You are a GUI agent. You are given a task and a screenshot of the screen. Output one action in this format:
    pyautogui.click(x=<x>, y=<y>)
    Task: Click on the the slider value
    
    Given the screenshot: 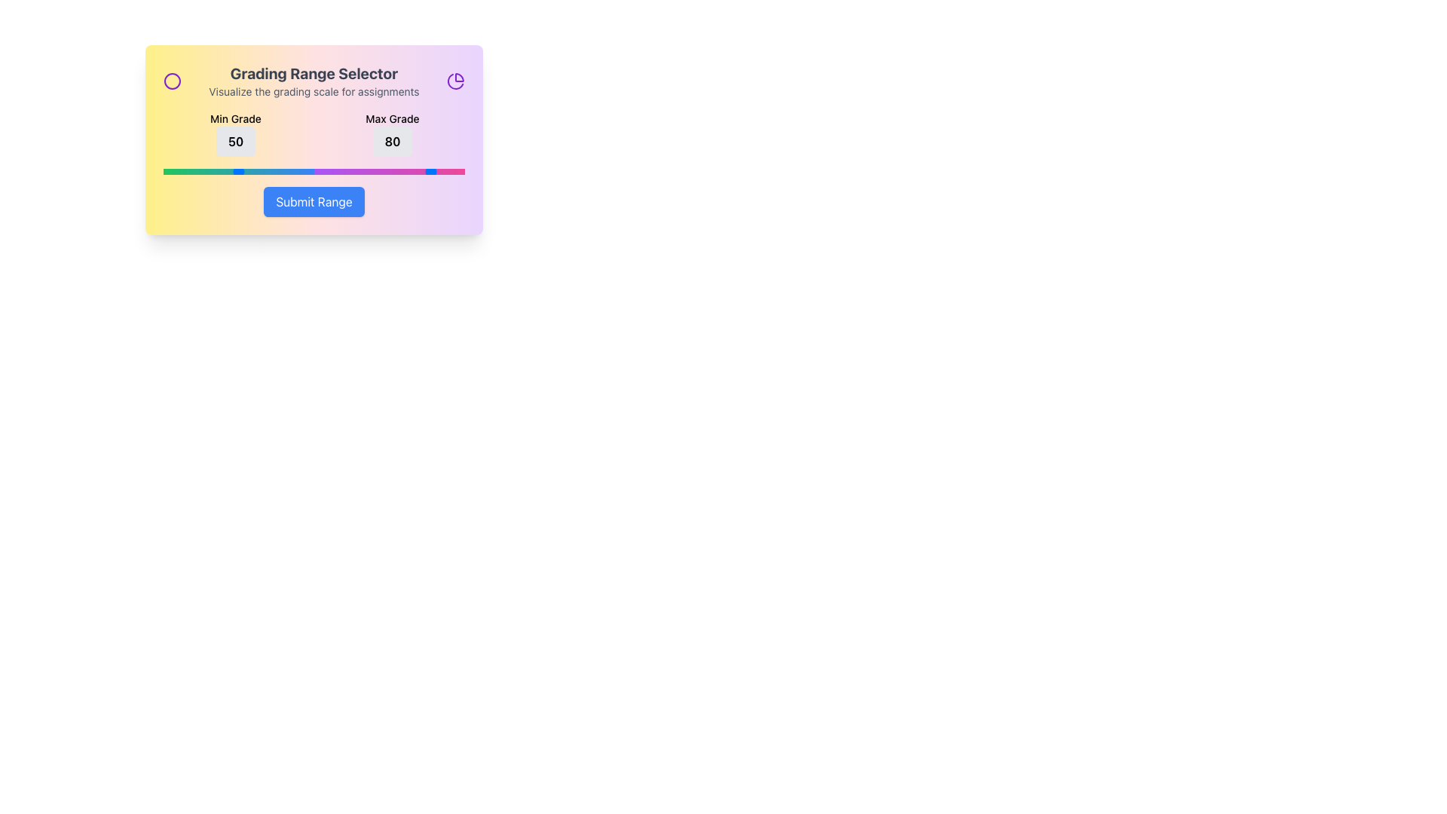 What is the action you would take?
    pyautogui.click(x=239, y=170)
    